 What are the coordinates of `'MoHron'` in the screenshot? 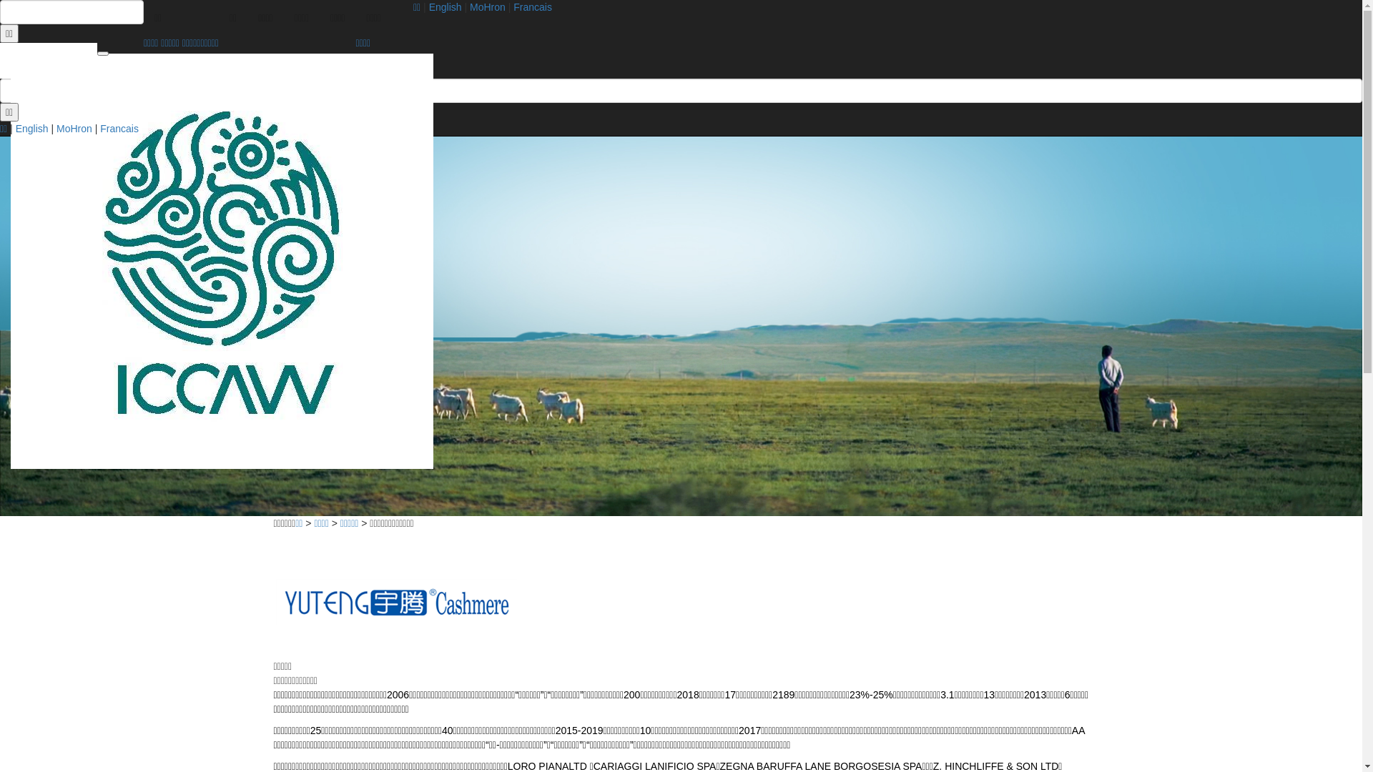 It's located at (487, 7).